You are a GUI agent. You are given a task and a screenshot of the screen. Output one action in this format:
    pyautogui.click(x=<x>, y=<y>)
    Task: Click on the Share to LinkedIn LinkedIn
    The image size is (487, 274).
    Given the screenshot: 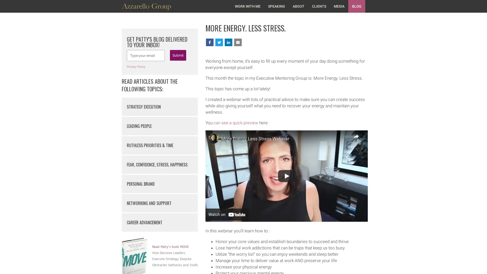 What is the action you would take?
    pyautogui.click(x=268, y=42)
    